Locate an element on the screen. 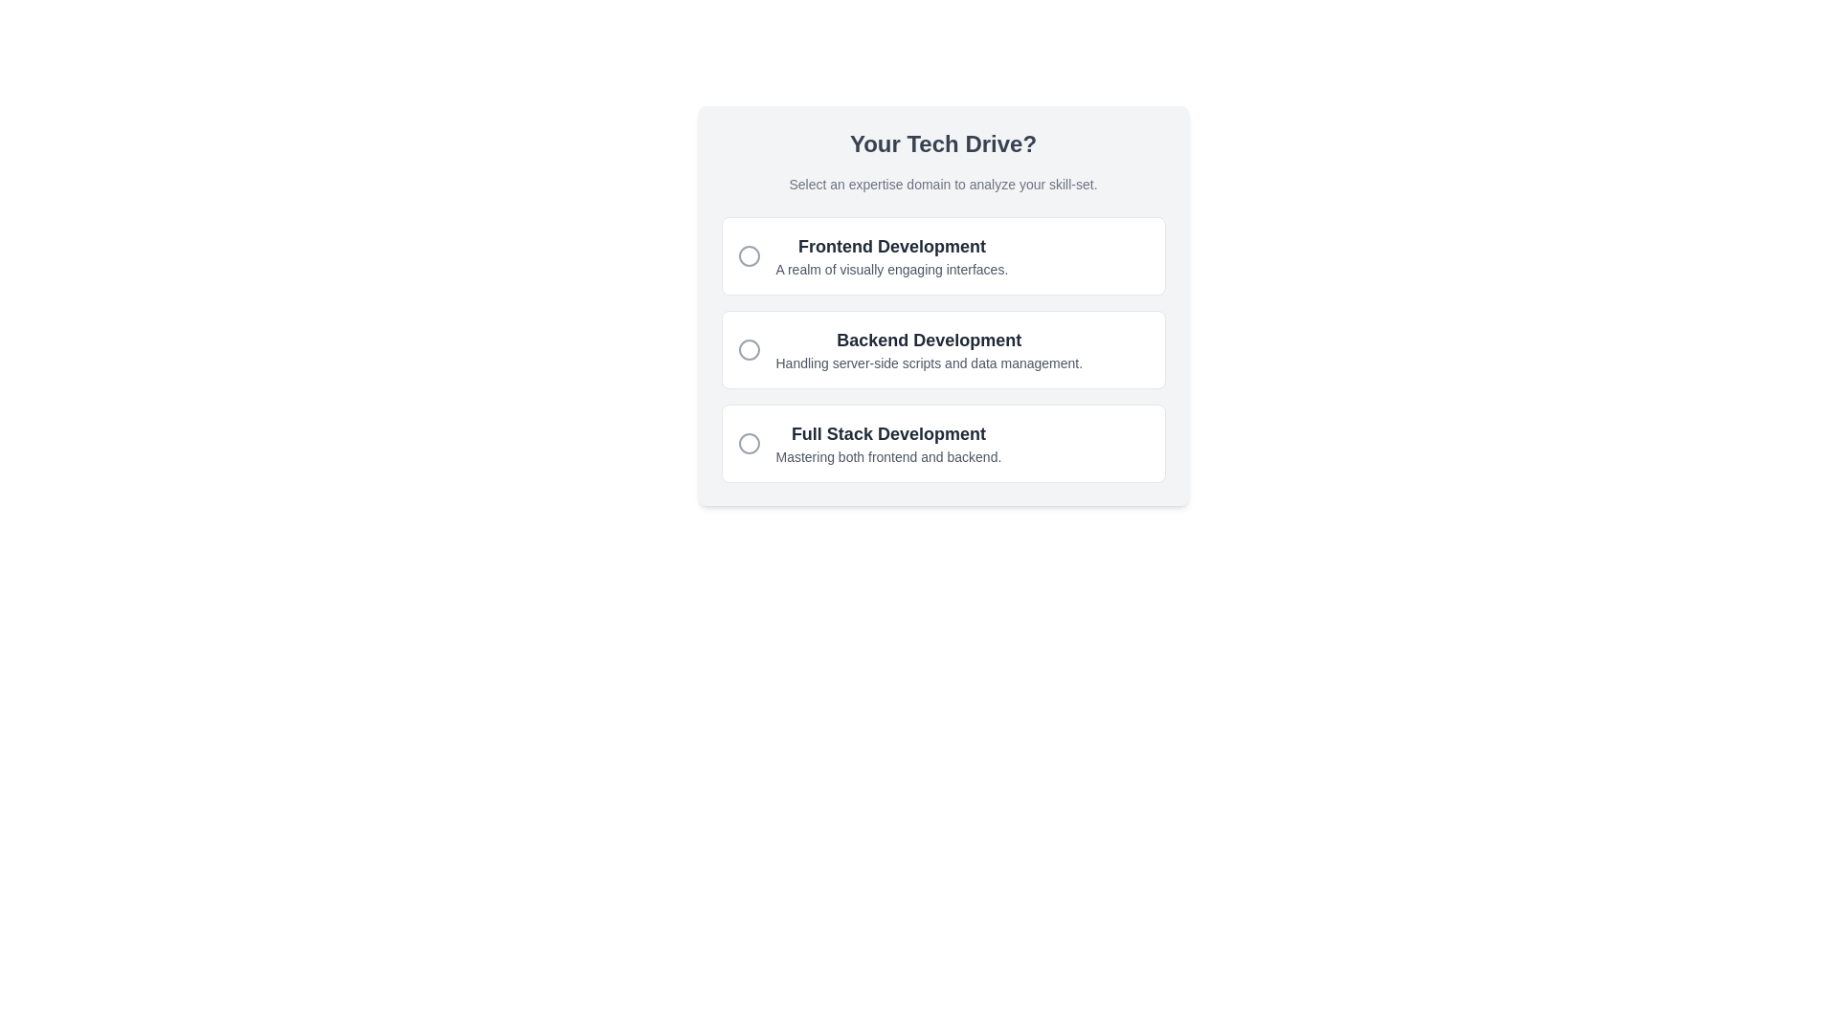 This screenshot has width=1838, height=1033. the descriptive text label beneath 'Frontend Development' in the top-left quadrant of the central card layout, which provides additional information about the option is located at coordinates (890, 269).